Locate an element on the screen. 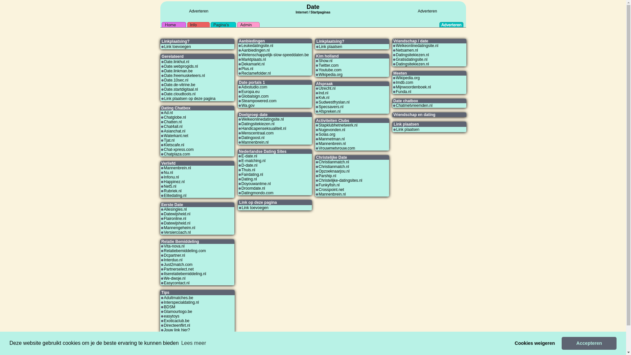 The height and width of the screenshot is (355, 631). 'Elitedating.nl' is located at coordinates (175, 195).